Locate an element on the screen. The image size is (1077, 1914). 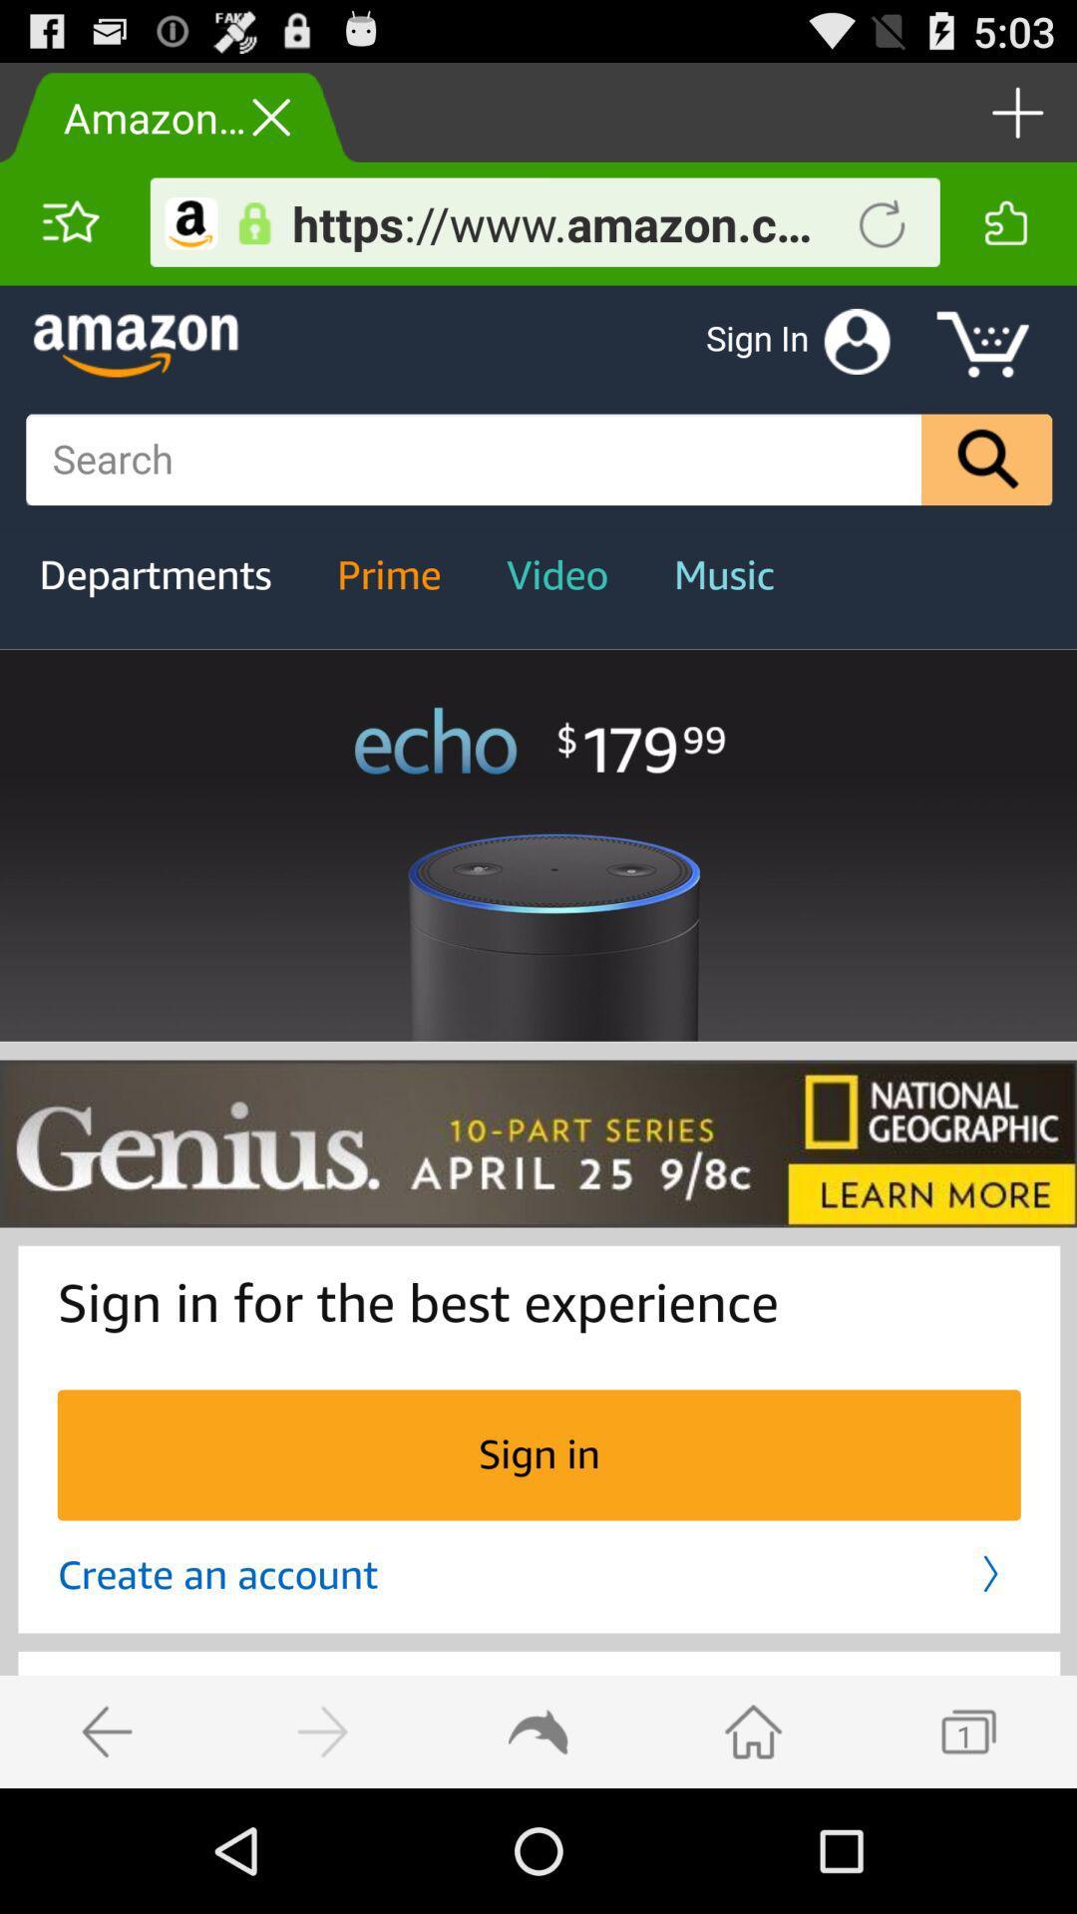
amazon button is located at coordinates (191, 223).